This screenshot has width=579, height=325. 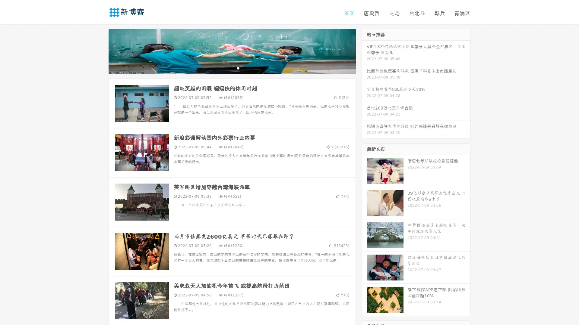 I want to click on Next slide, so click(x=364, y=51).